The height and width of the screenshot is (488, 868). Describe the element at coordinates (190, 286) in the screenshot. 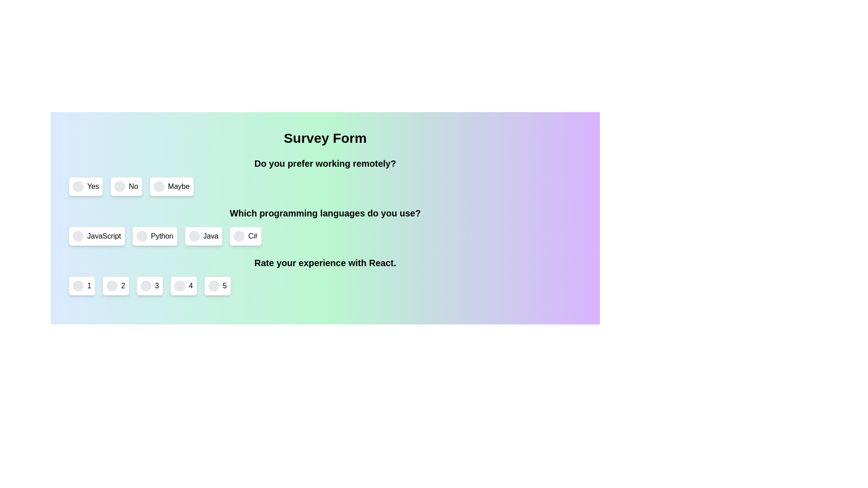

I see `the label for the fourth rating option in the rating system, which is located immediately to the right of its corresponding circular radio button` at that location.